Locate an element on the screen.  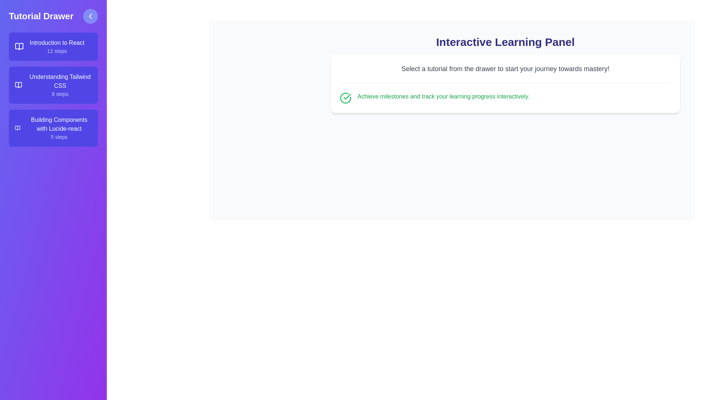
toggle button to open or close the drawer is located at coordinates (90, 16).